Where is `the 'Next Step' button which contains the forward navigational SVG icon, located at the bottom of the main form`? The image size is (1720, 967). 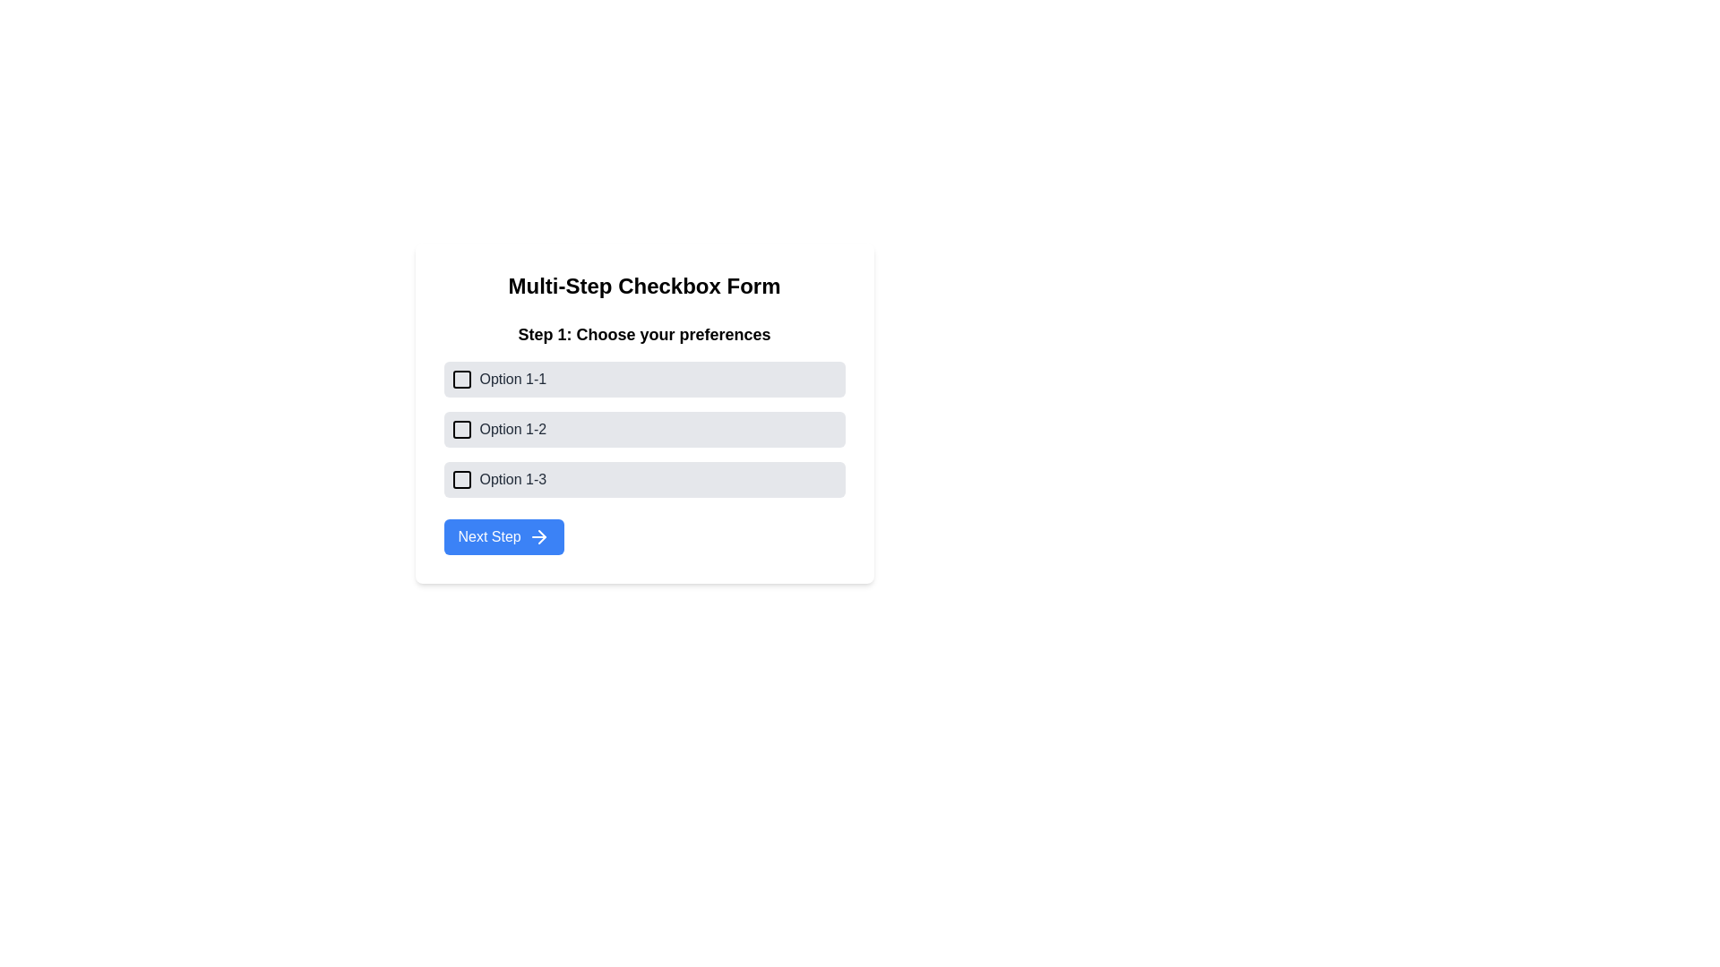
the 'Next Step' button which contains the forward navigational SVG icon, located at the bottom of the main form is located at coordinates (537, 536).